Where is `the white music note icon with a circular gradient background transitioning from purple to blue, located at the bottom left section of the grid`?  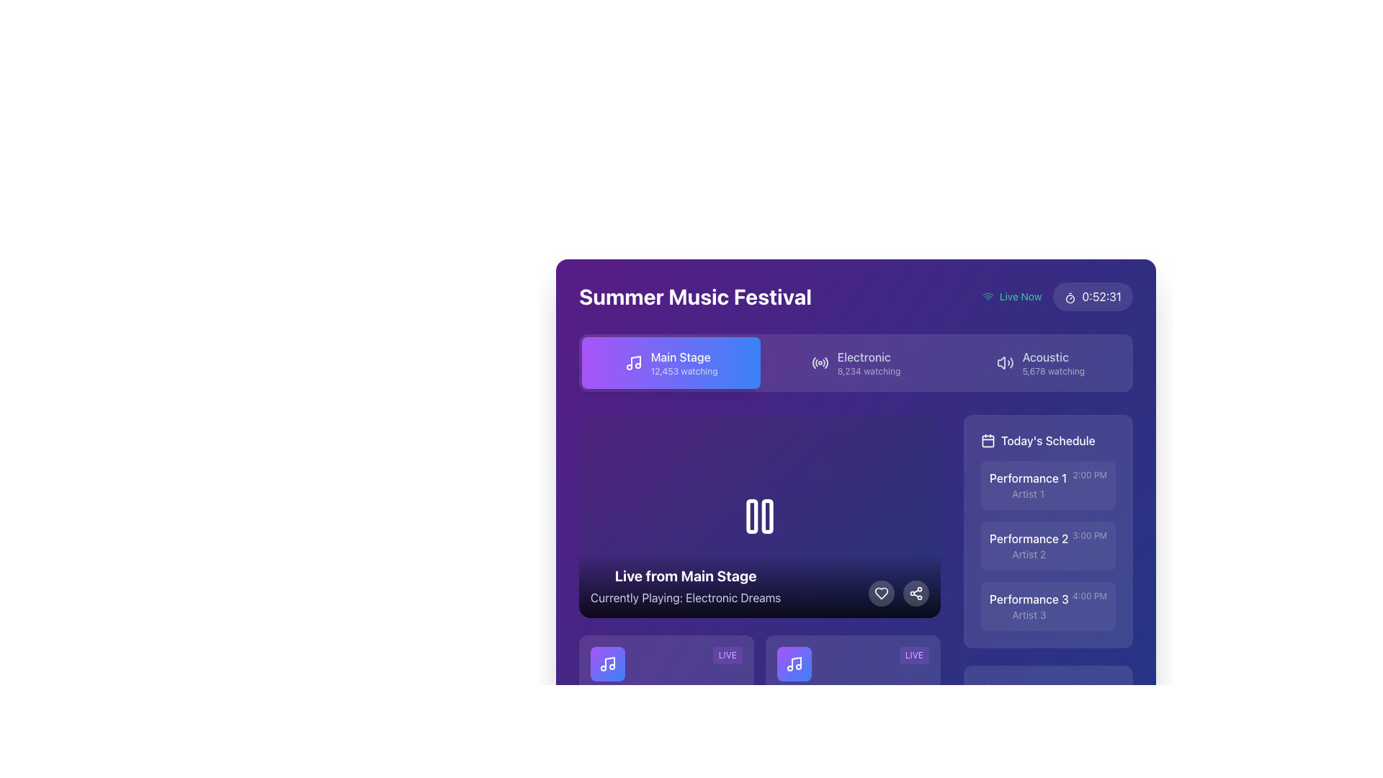 the white music note icon with a circular gradient background transitioning from purple to blue, located at the bottom left section of the grid is located at coordinates (608, 663).